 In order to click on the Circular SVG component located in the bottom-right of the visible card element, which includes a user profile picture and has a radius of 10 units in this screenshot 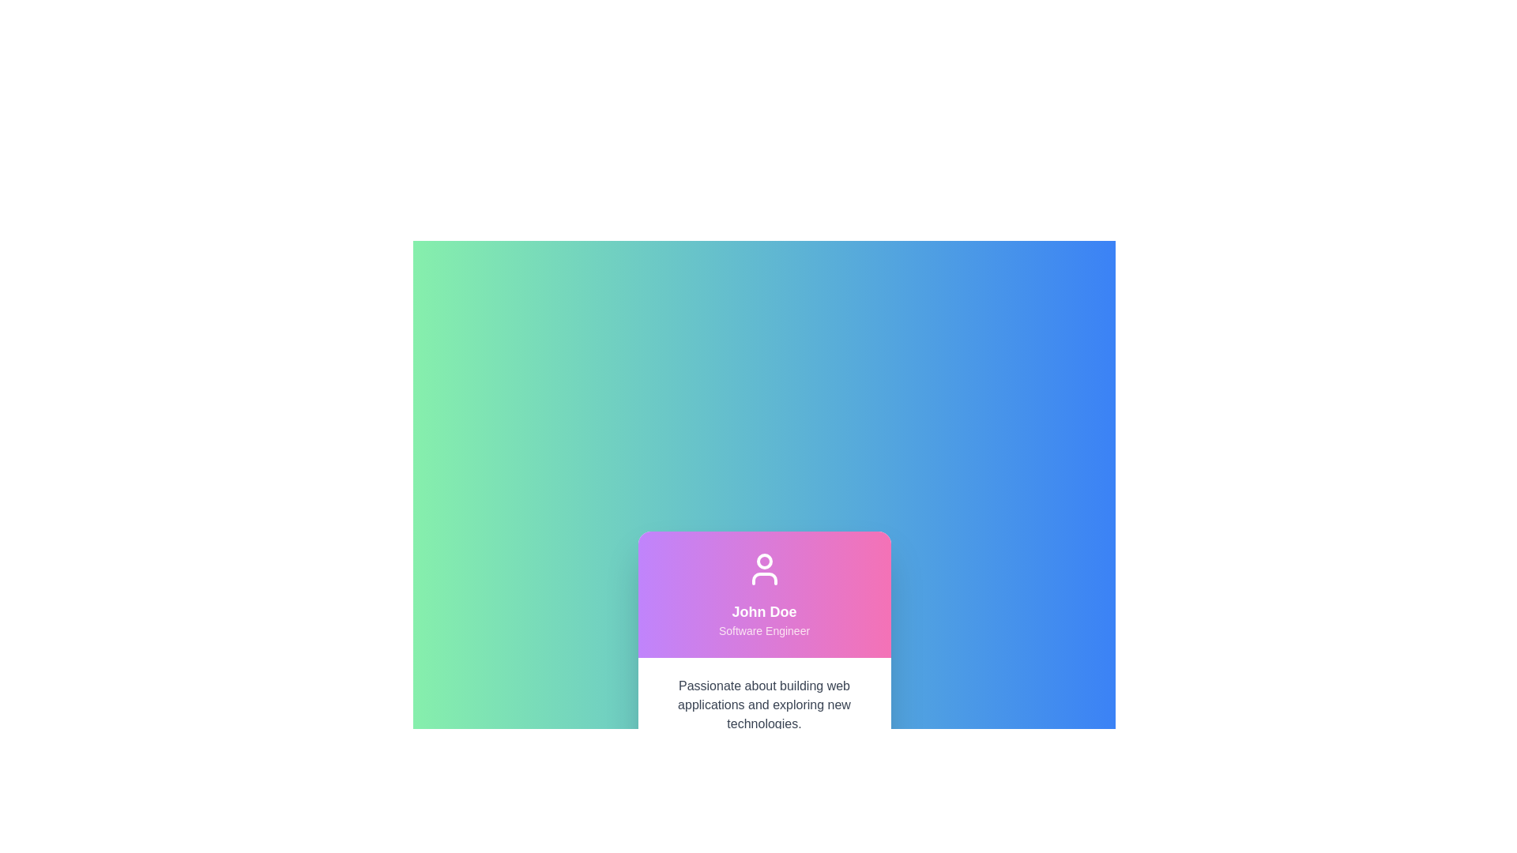, I will do `click(861, 767)`.